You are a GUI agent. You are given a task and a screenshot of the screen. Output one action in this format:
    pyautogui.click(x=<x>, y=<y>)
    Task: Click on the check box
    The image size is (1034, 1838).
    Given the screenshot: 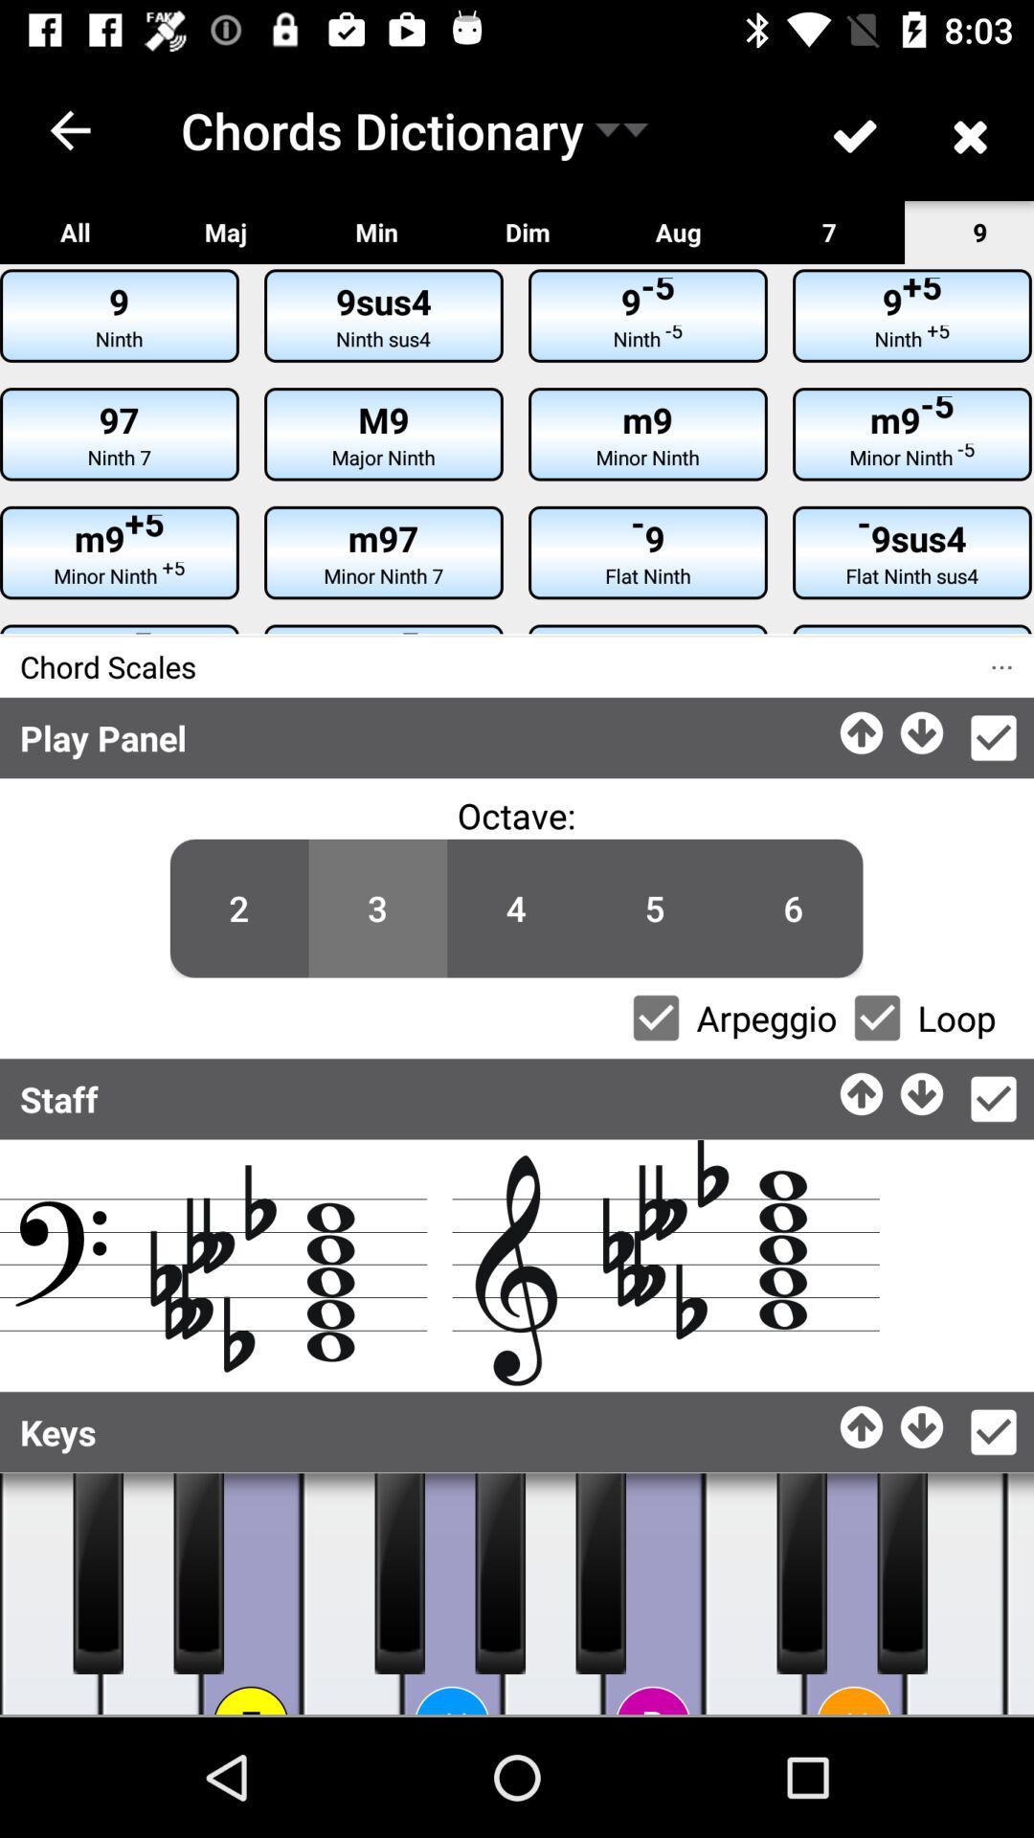 What is the action you would take?
    pyautogui.click(x=992, y=1099)
    